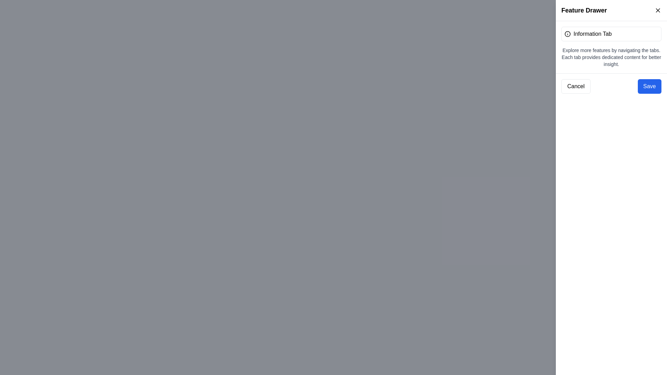 Image resolution: width=667 pixels, height=375 pixels. What do you see at coordinates (658, 10) in the screenshot?
I see `the close button icon located at the top-right corner of the 'Feature Drawer' panel for keyboard navigation` at bounding box center [658, 10].